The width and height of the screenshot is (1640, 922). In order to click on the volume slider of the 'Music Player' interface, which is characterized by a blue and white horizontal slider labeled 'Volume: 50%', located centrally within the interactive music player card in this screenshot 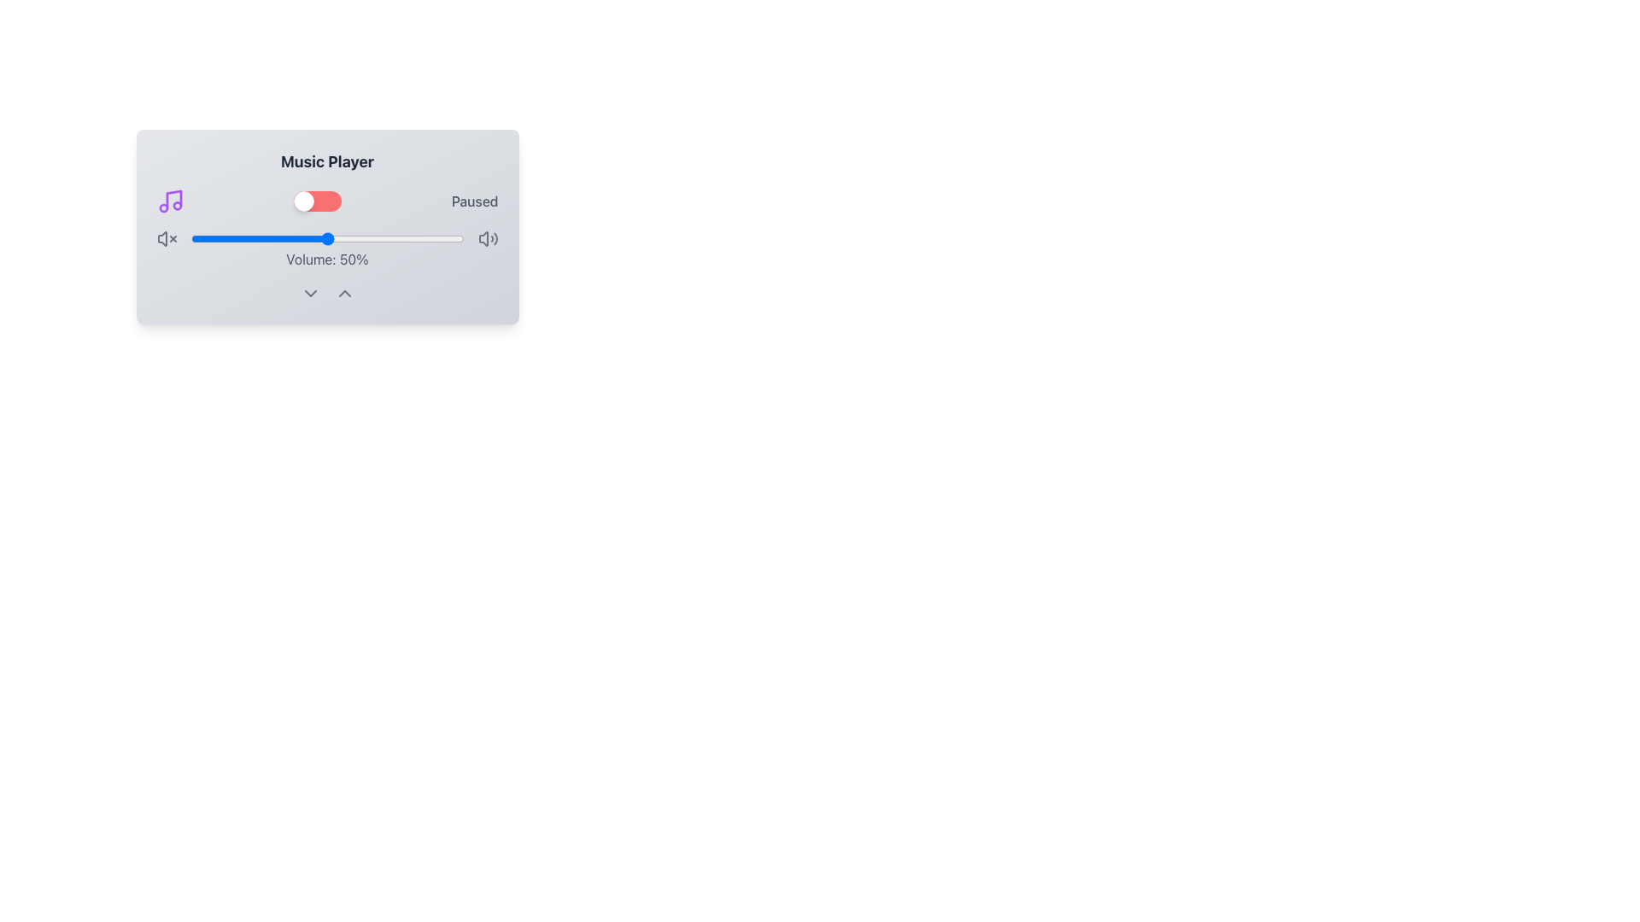, I will do `click(327, 226)`.